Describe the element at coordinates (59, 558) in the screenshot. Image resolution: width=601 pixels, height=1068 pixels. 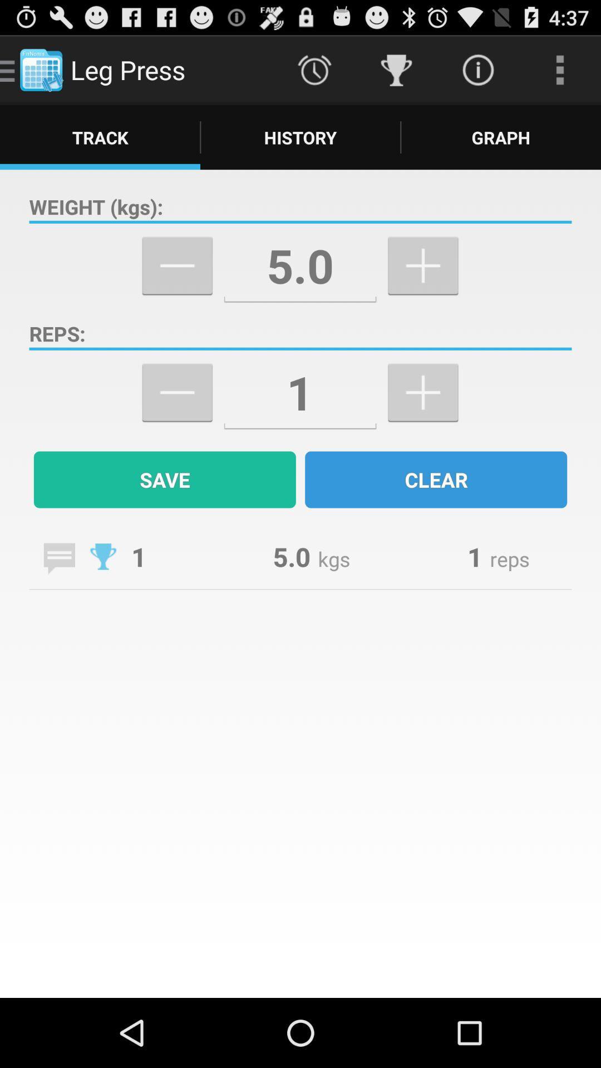
I see `adds a comment` at that location.